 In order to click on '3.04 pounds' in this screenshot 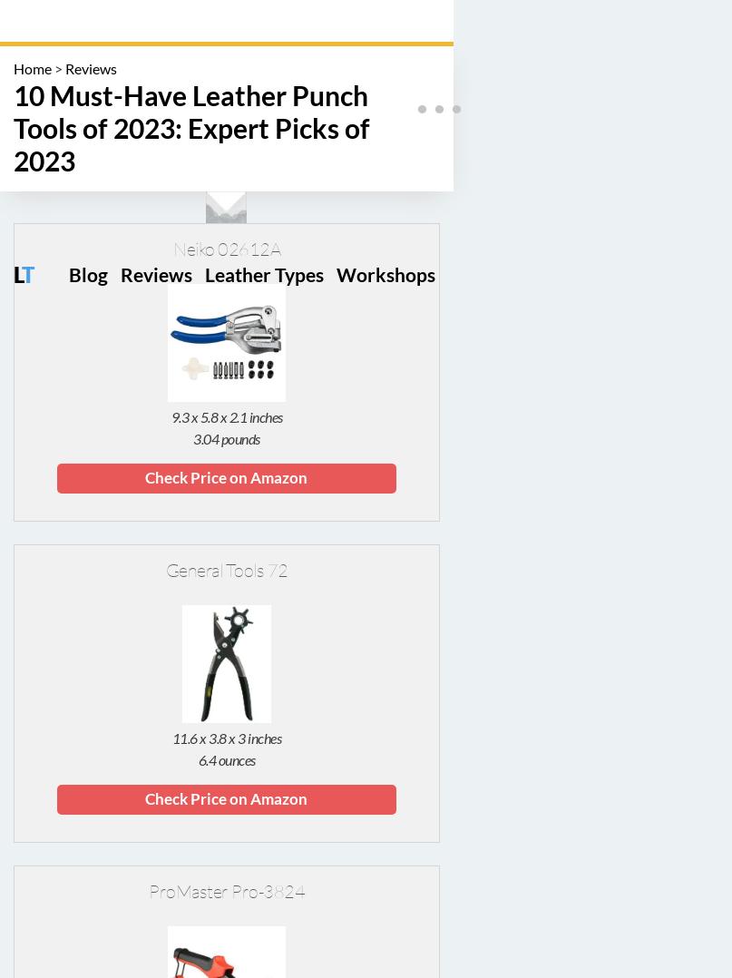, I will do `click(225, 437)`.